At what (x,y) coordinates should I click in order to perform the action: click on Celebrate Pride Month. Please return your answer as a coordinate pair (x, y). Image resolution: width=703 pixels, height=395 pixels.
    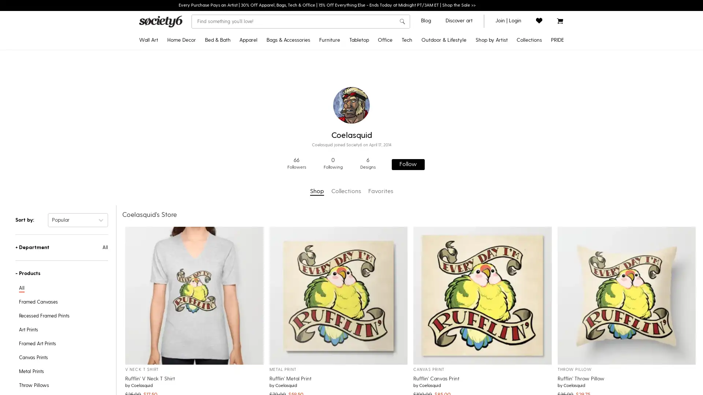
    Looking at the image, I should click on (528, 59).